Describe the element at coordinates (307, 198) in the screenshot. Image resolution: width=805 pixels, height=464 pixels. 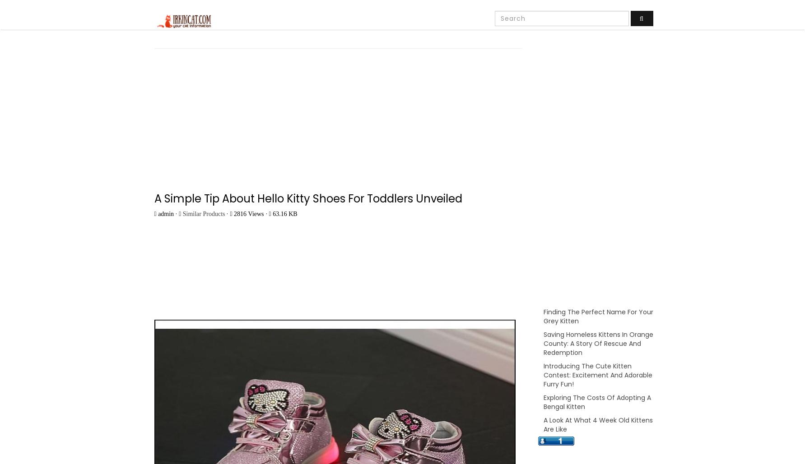
I see `'A Simple Tip About Hello Kitty Shoes For Toddlers Unveiled'` at that location.